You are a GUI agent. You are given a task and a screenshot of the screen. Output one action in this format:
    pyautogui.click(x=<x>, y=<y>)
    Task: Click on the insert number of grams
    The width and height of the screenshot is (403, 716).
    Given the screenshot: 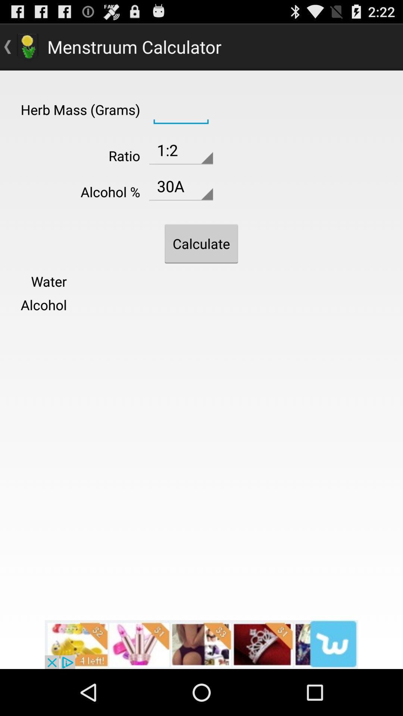 What is the action you would take?
    pyautogui.click(x=181, y=109)
    